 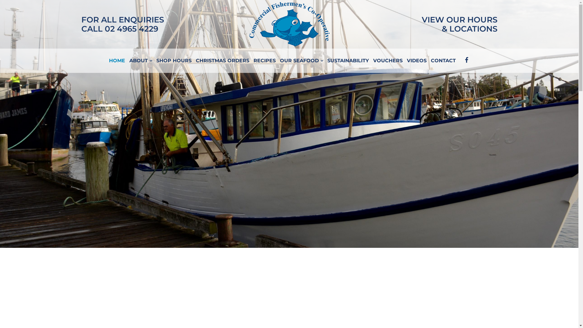 I want to click on 'RECIPES', so click(x=264, y=61).